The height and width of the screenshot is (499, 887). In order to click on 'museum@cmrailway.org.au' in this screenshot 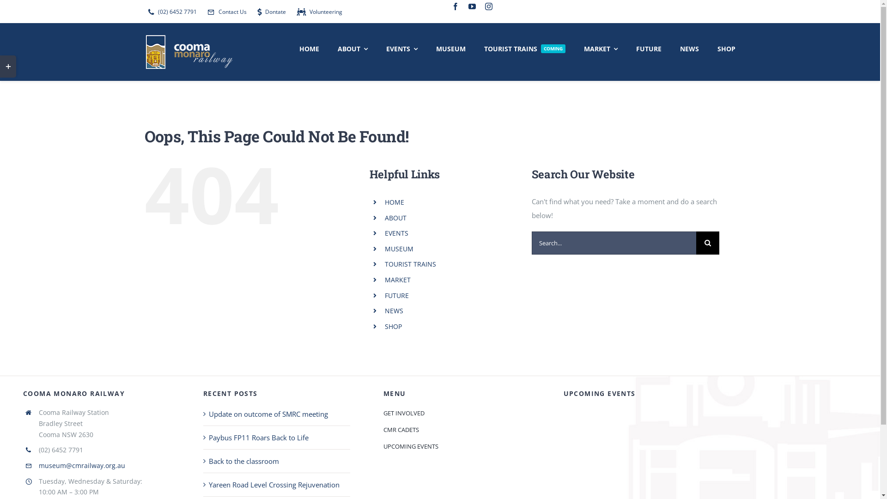, I will do `click(38, 465)`.